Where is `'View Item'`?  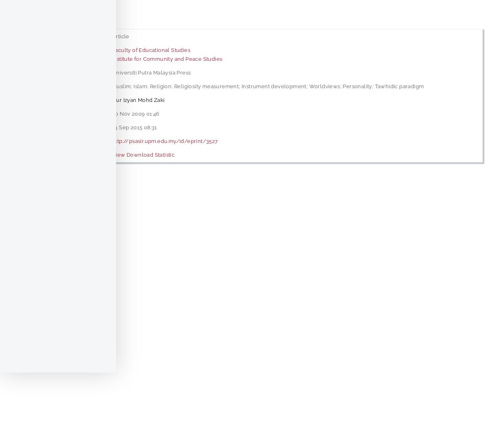
'View Item' is located at coordinates (46, 196).